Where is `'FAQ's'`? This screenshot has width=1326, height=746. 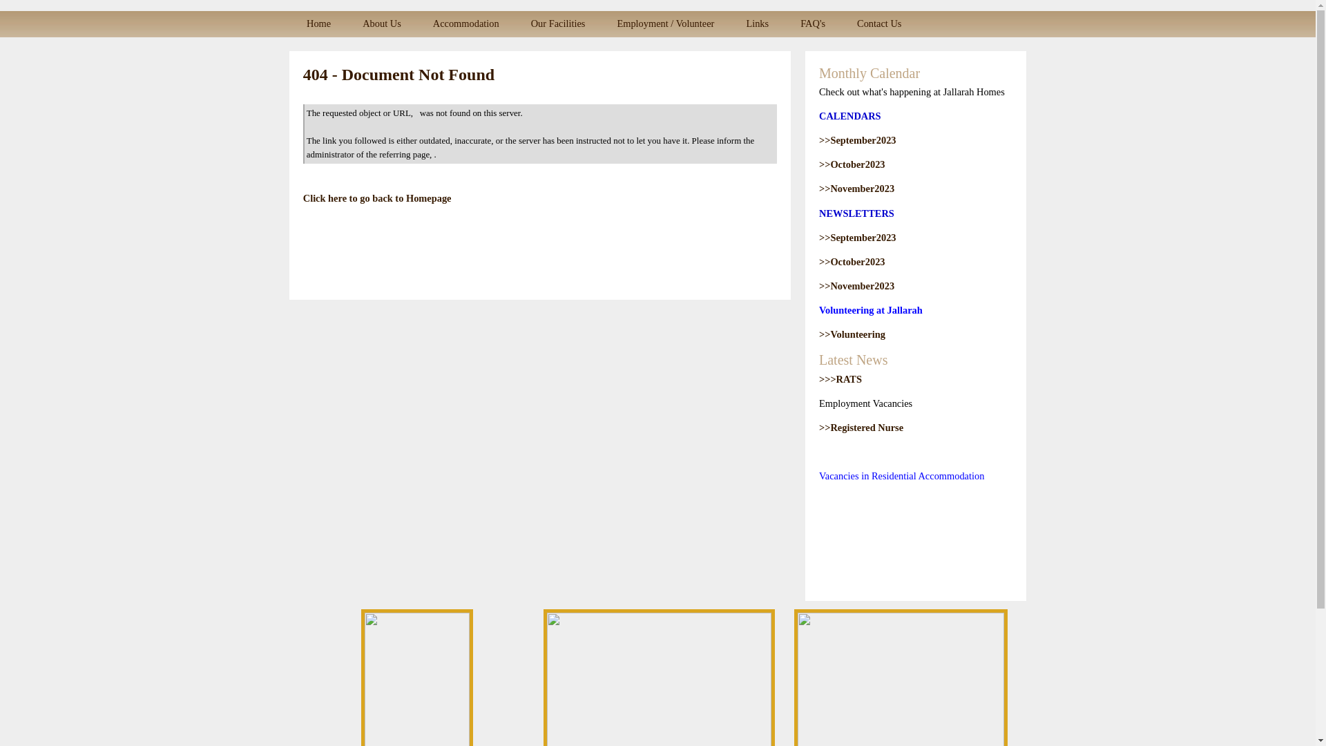 'FAQ's' is located at coordinates (812, 23).